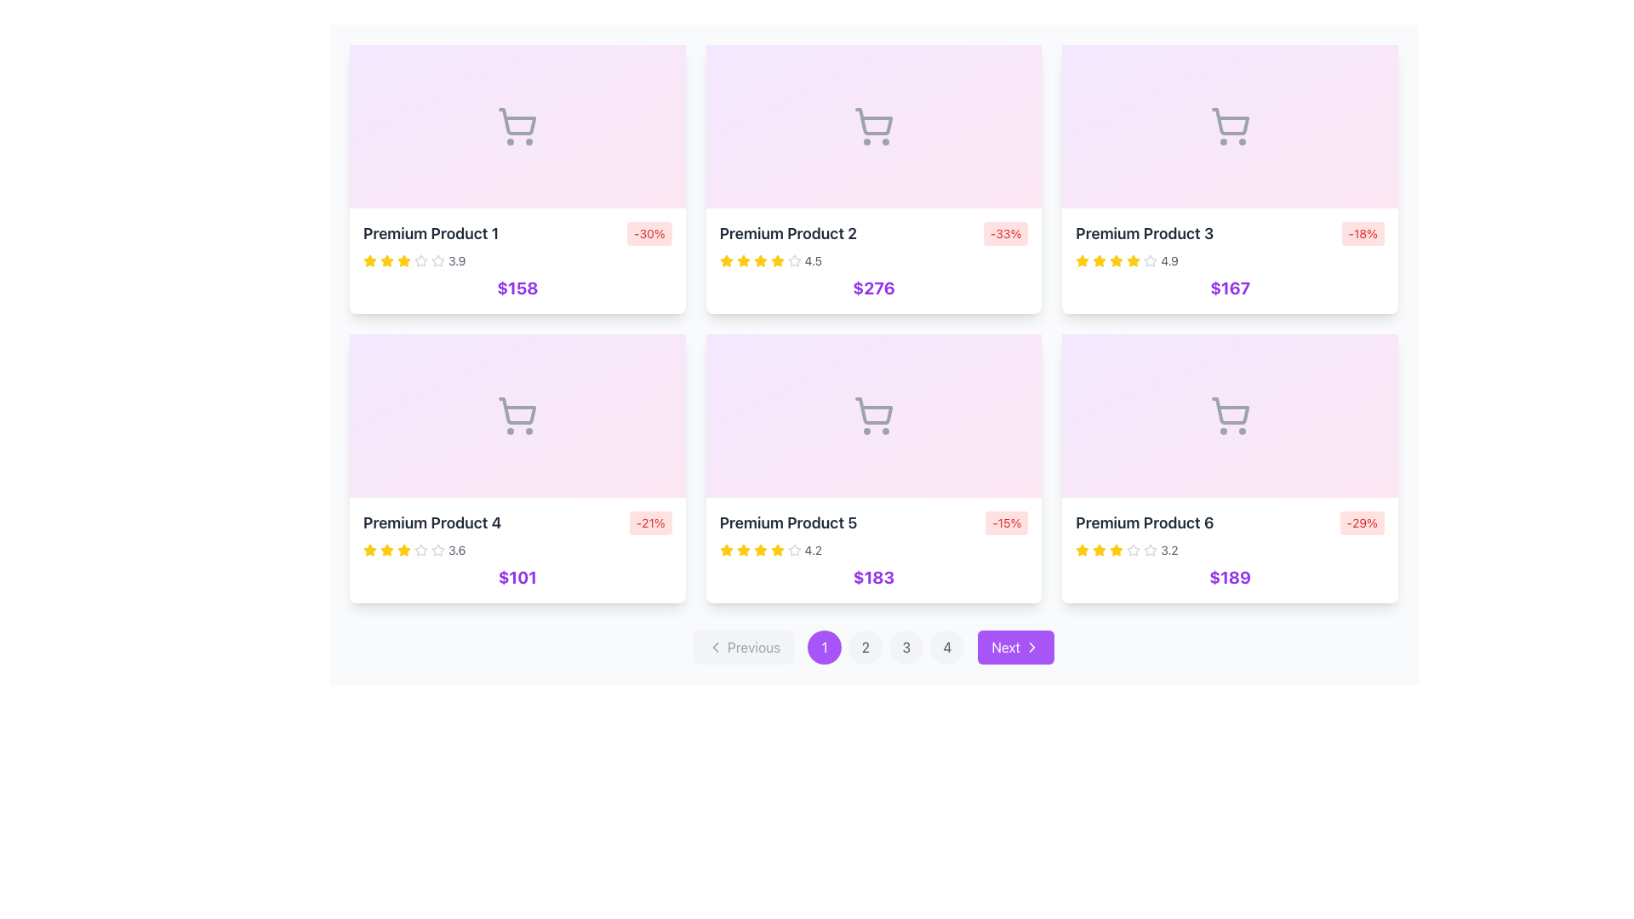  What do you see at coordinates (715, 647) in the screenshot?
I see `the leftwards arrow icon of the 'Previous' navigation button at the bottom left of the pagination bar` at bounding box center [715, 647].